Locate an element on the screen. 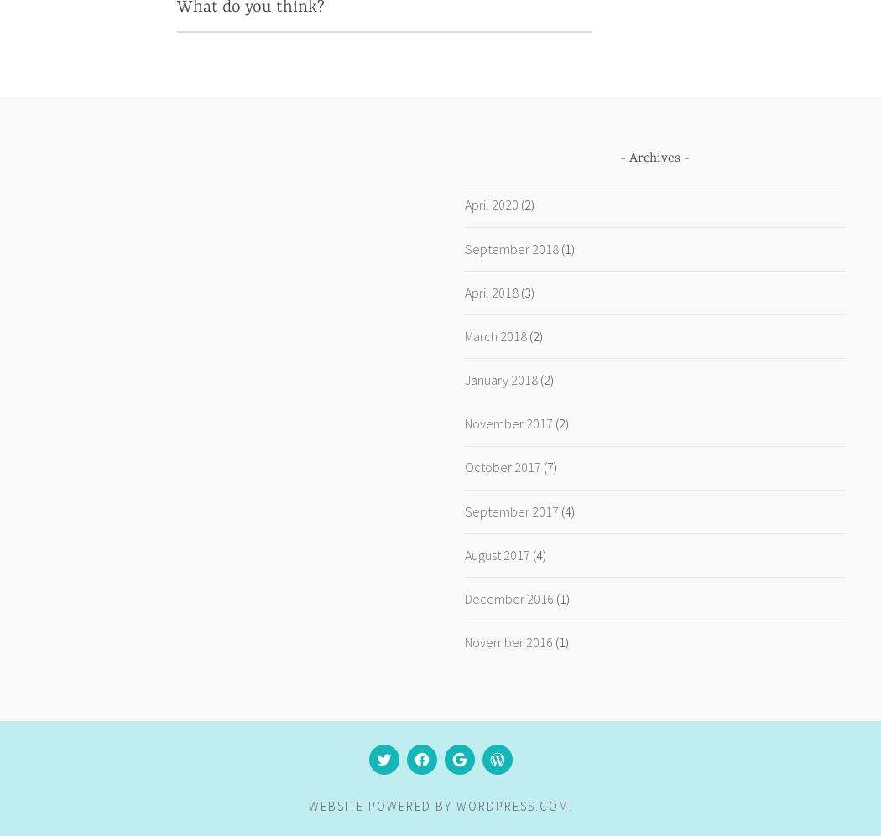  'Website Powered by WordPress.com' is located at coordinates (436, 805).